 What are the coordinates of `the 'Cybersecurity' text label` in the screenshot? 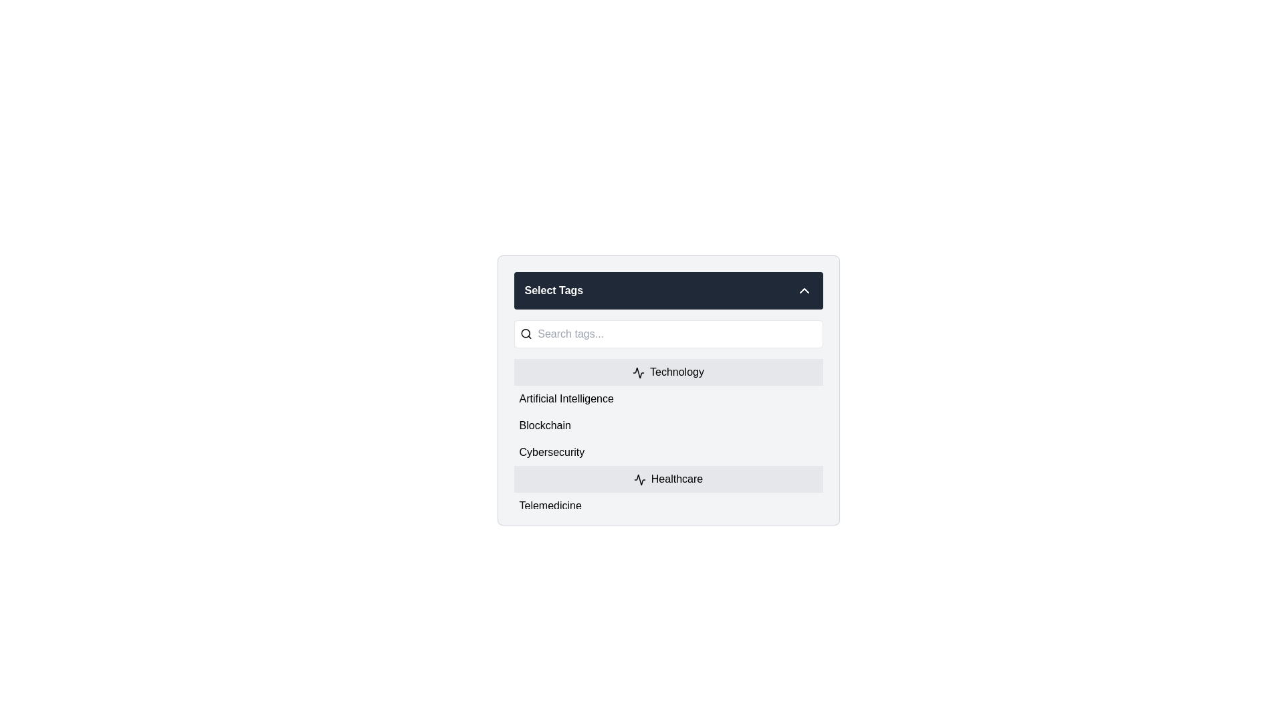 It's located at (552, 452).